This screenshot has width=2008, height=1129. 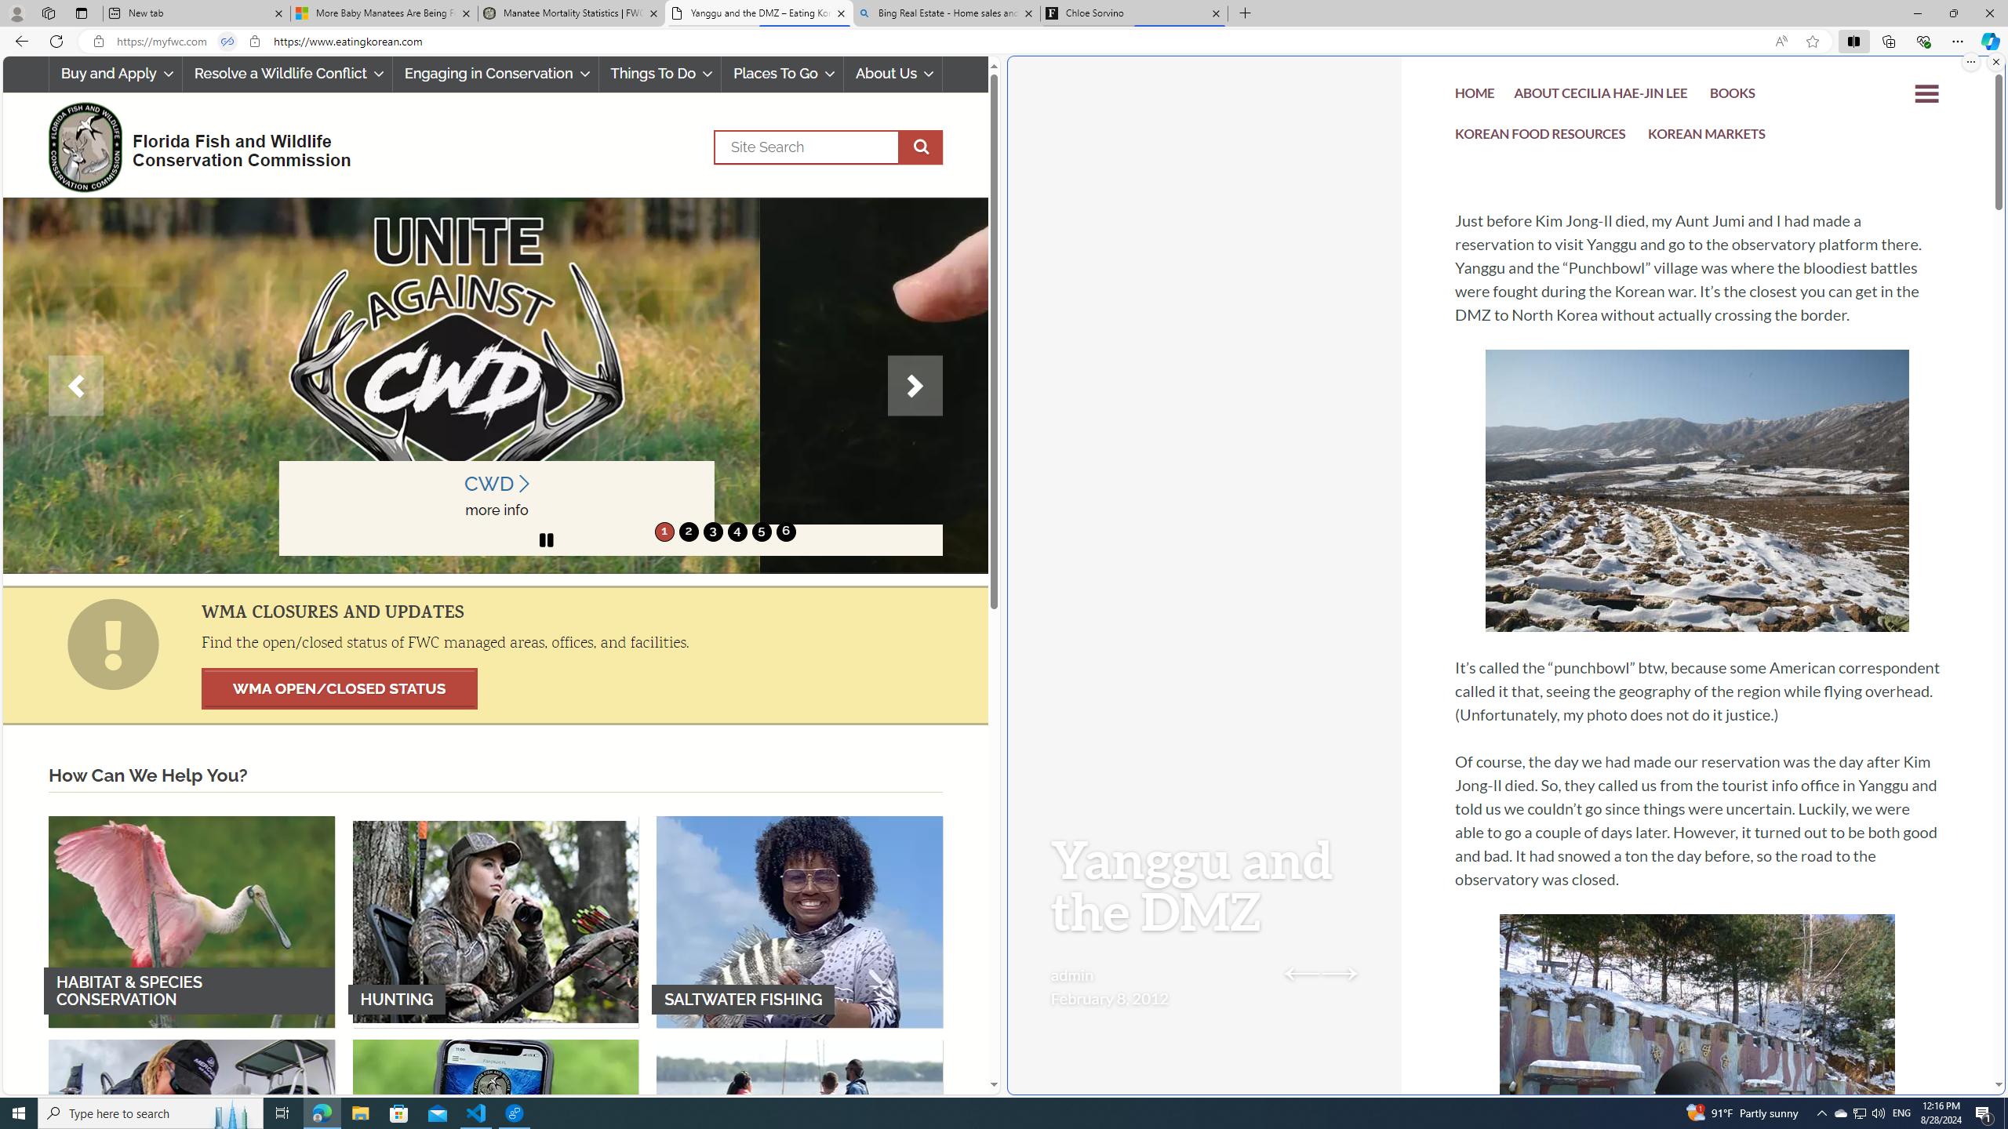 I want to click on 'KOREAN MARKETS', so click(x=1707, y=137).